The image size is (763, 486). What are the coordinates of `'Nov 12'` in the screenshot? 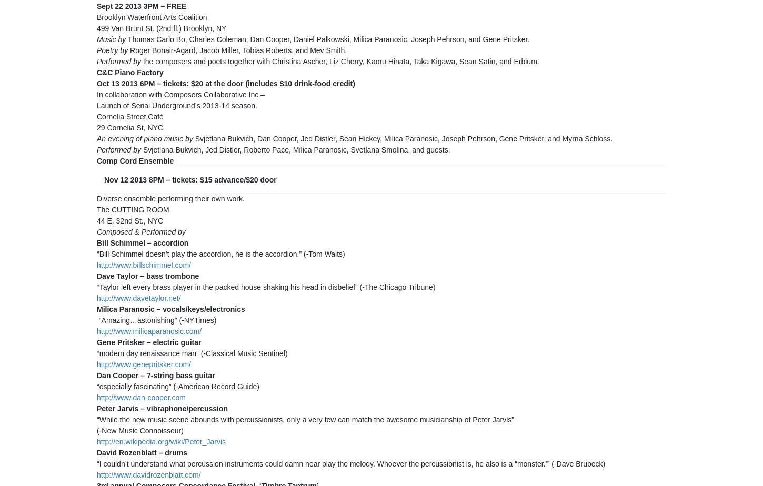 It's located at (115, 179).